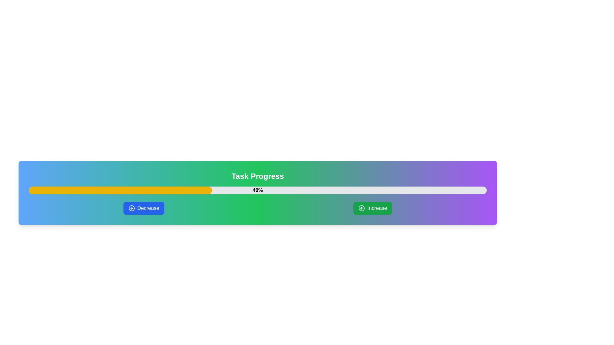  Describe the element at coordinates (131, 208) in the screenshot. I see `the decorative graphic icon representing a downward action, which is part of an SVG graphic located above the 'Decrease' button` at that location.